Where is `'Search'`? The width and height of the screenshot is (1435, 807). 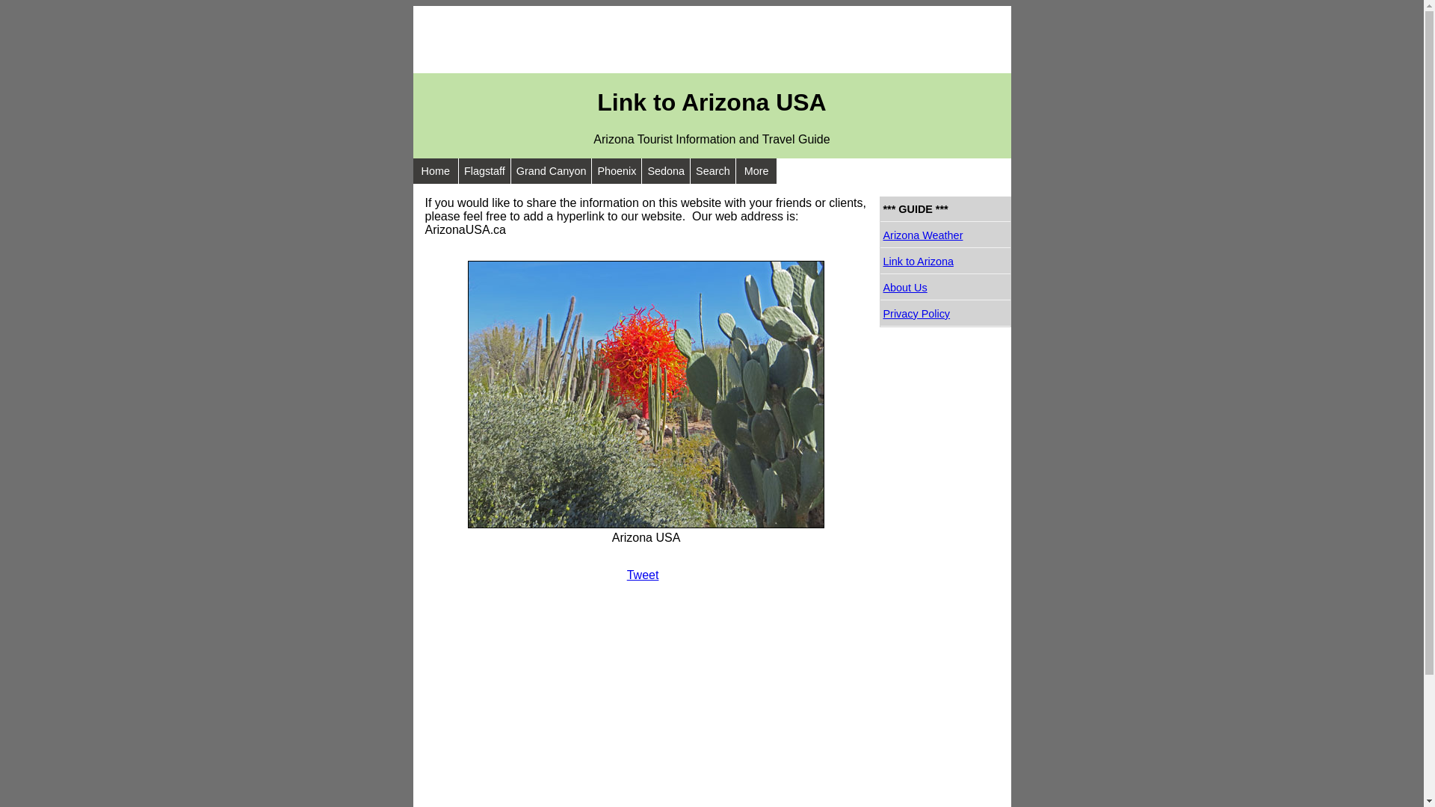
'Search' is located at coordinates (712, 170).